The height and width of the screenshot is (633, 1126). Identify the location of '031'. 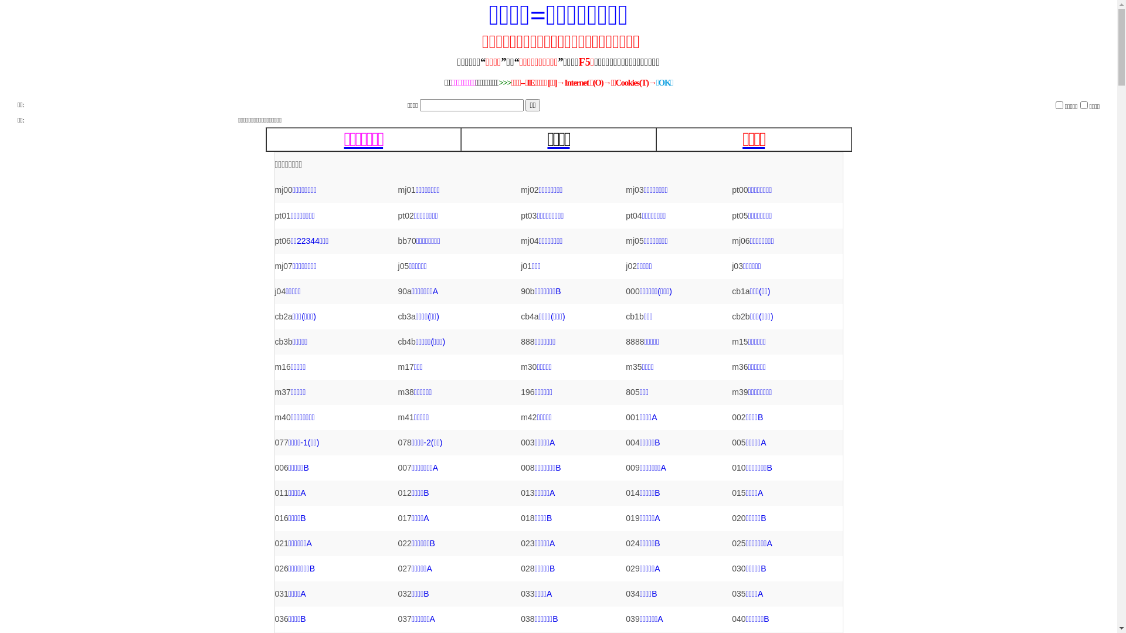
(280, 594).